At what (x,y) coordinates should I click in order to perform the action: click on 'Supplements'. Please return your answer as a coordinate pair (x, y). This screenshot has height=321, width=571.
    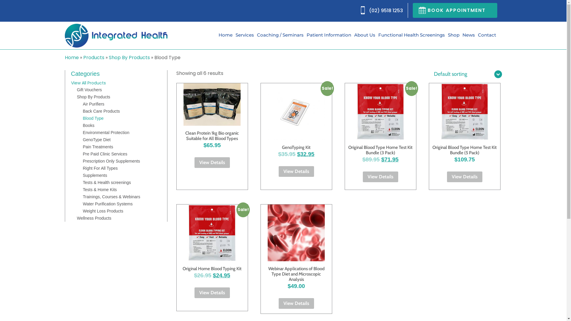
    Looking at the image, I should click on (94, 175).